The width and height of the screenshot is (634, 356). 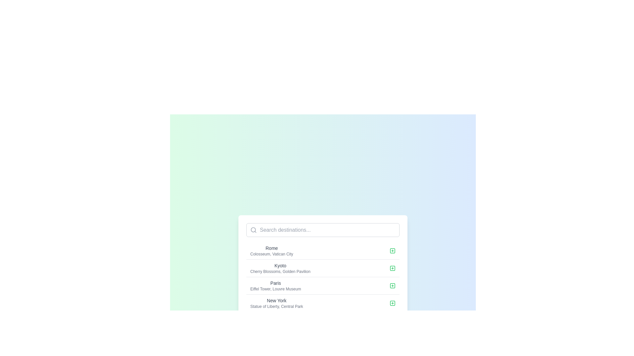 I want to click on the Text block for the city 'Paris', which highlights the landmarks 'Eiffel Tower' and 'Louvre Museum' and is located in the third row of the city list, so click(x=275, y=285).